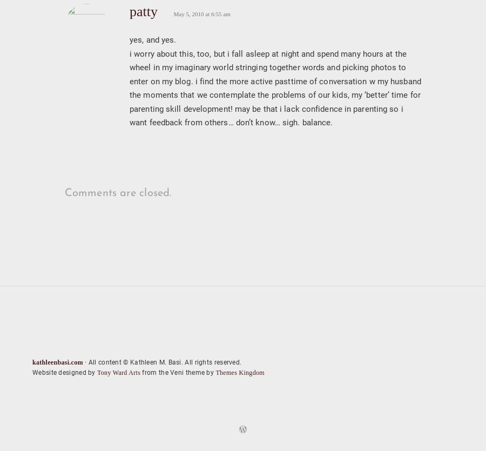 This screenshot has height=451, width=486. I want to click on 'May 5, 2010 at 6:55 am', so click(173, 14).